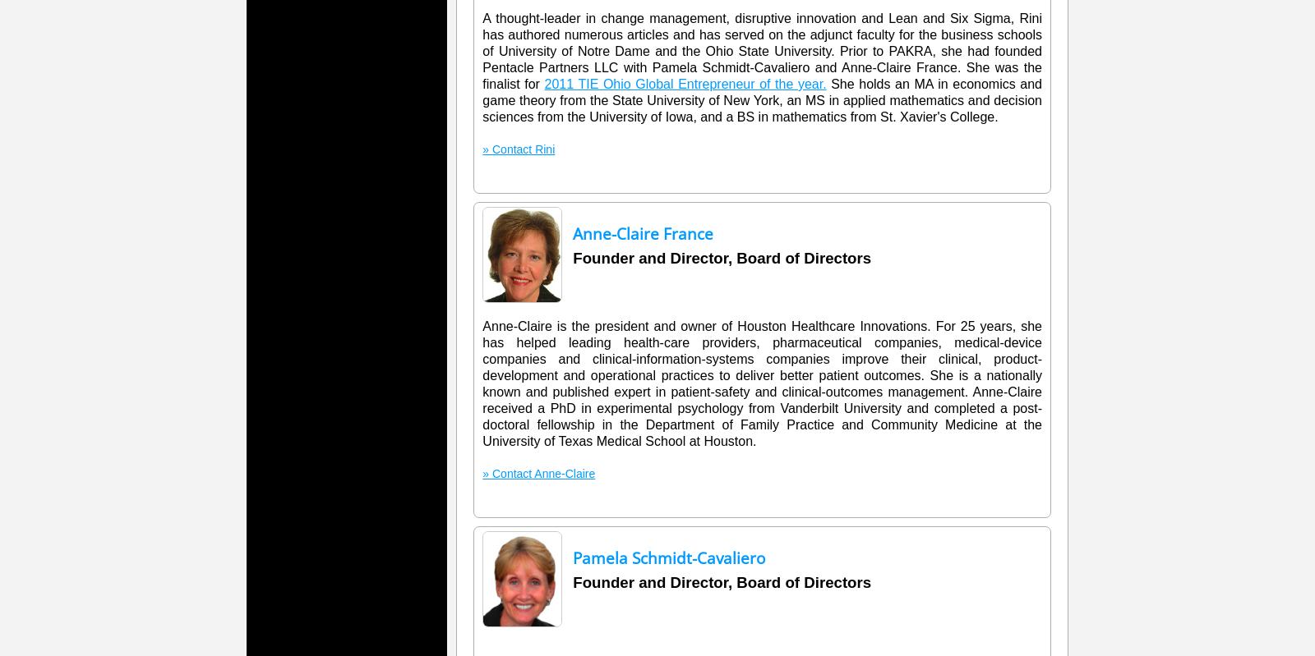 The width and height of the screenshot is (1315, 656). I want to click on 'She holds an MA in economics and game theory from the State University of New York, an MS in applied mathematics and decision sciences from the University of Iowa, and a BS in mathematics from St. Xavier's College.', so click(761, 99).